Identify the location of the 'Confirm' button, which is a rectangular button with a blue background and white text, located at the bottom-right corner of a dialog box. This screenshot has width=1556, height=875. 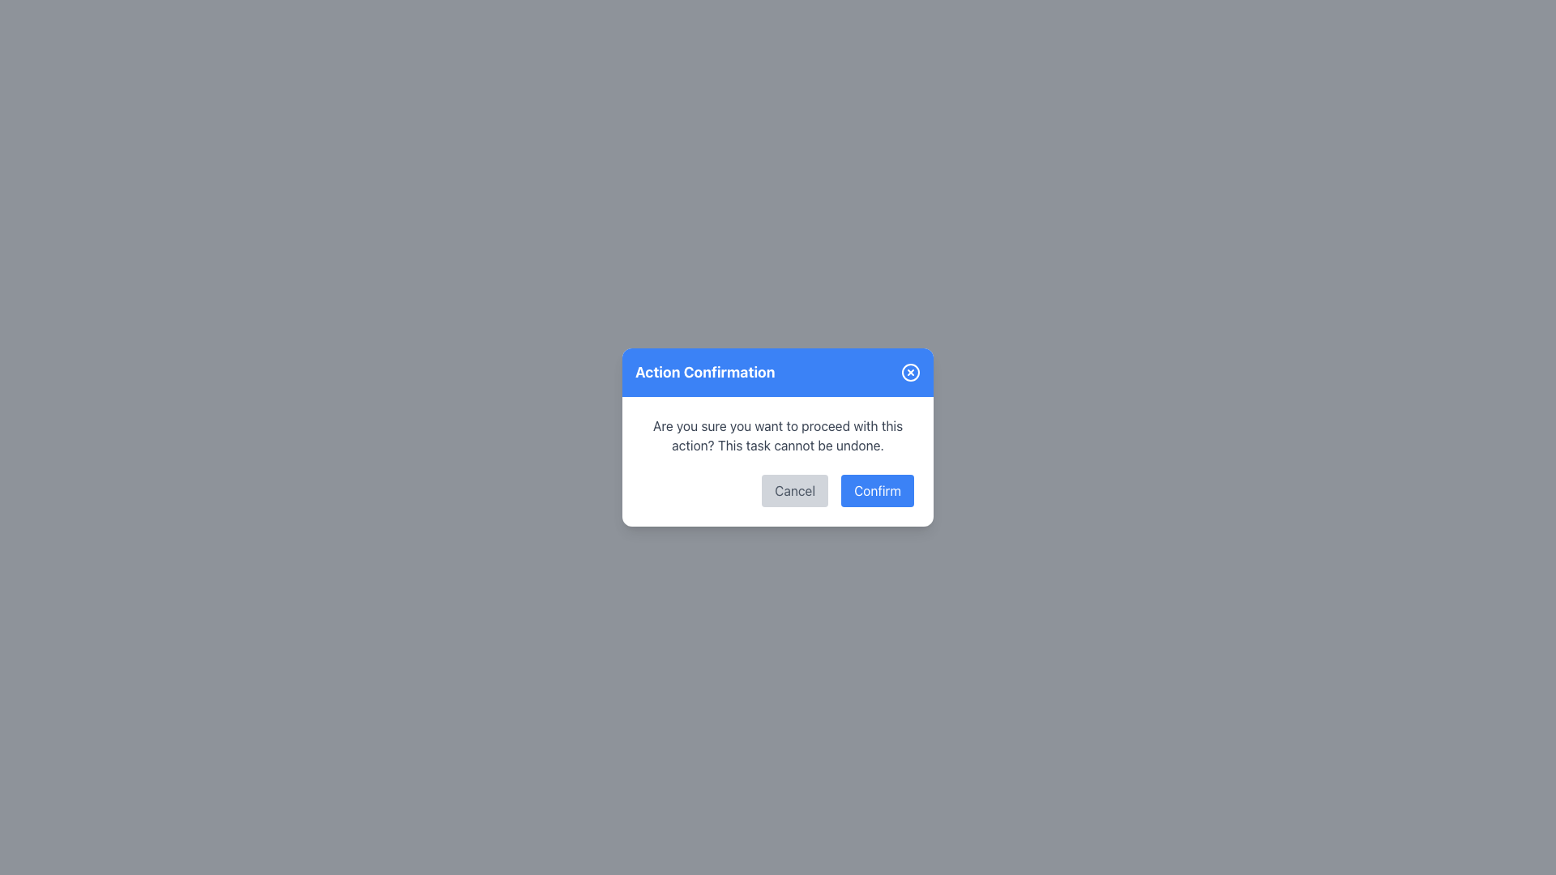
(877, 489).